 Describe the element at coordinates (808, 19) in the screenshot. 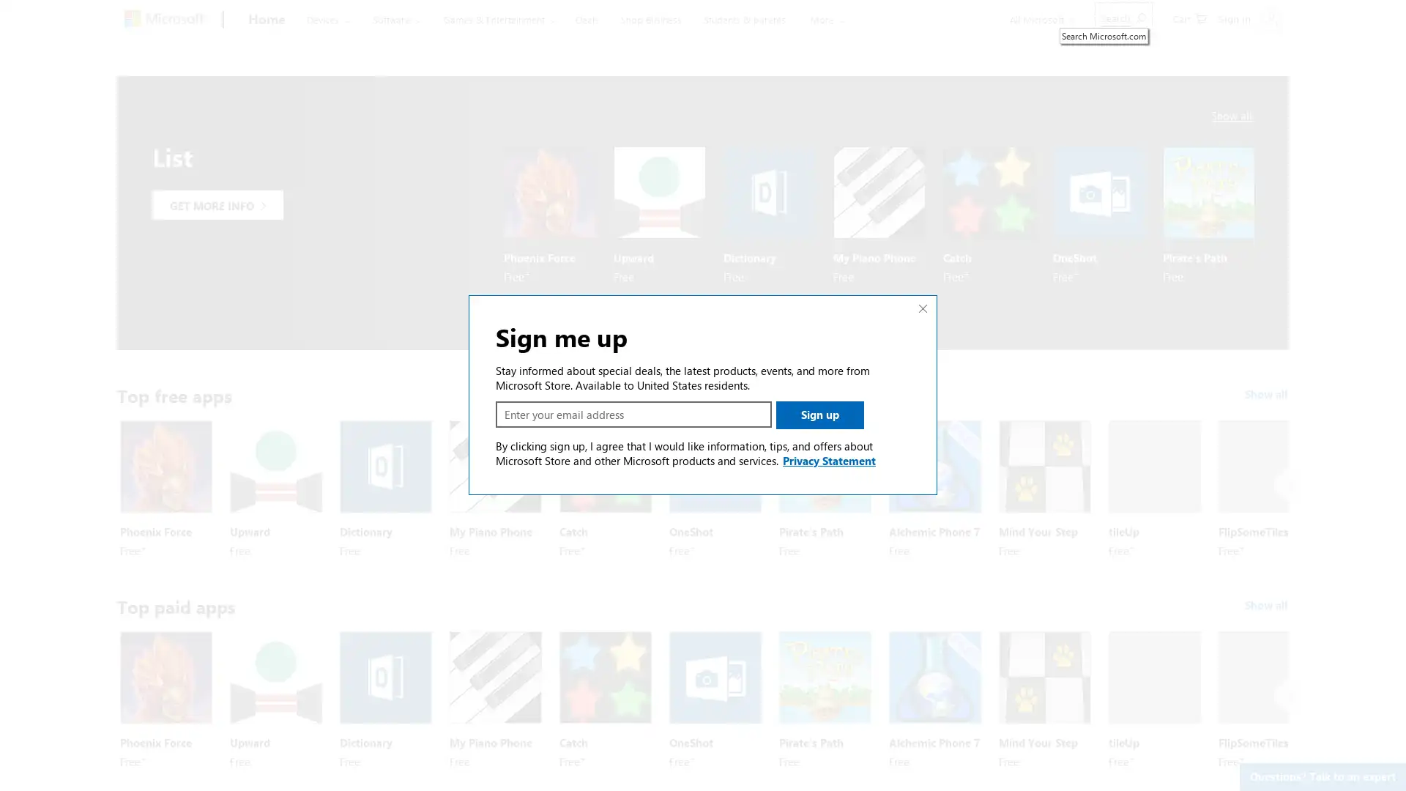

I see `More` at that location.